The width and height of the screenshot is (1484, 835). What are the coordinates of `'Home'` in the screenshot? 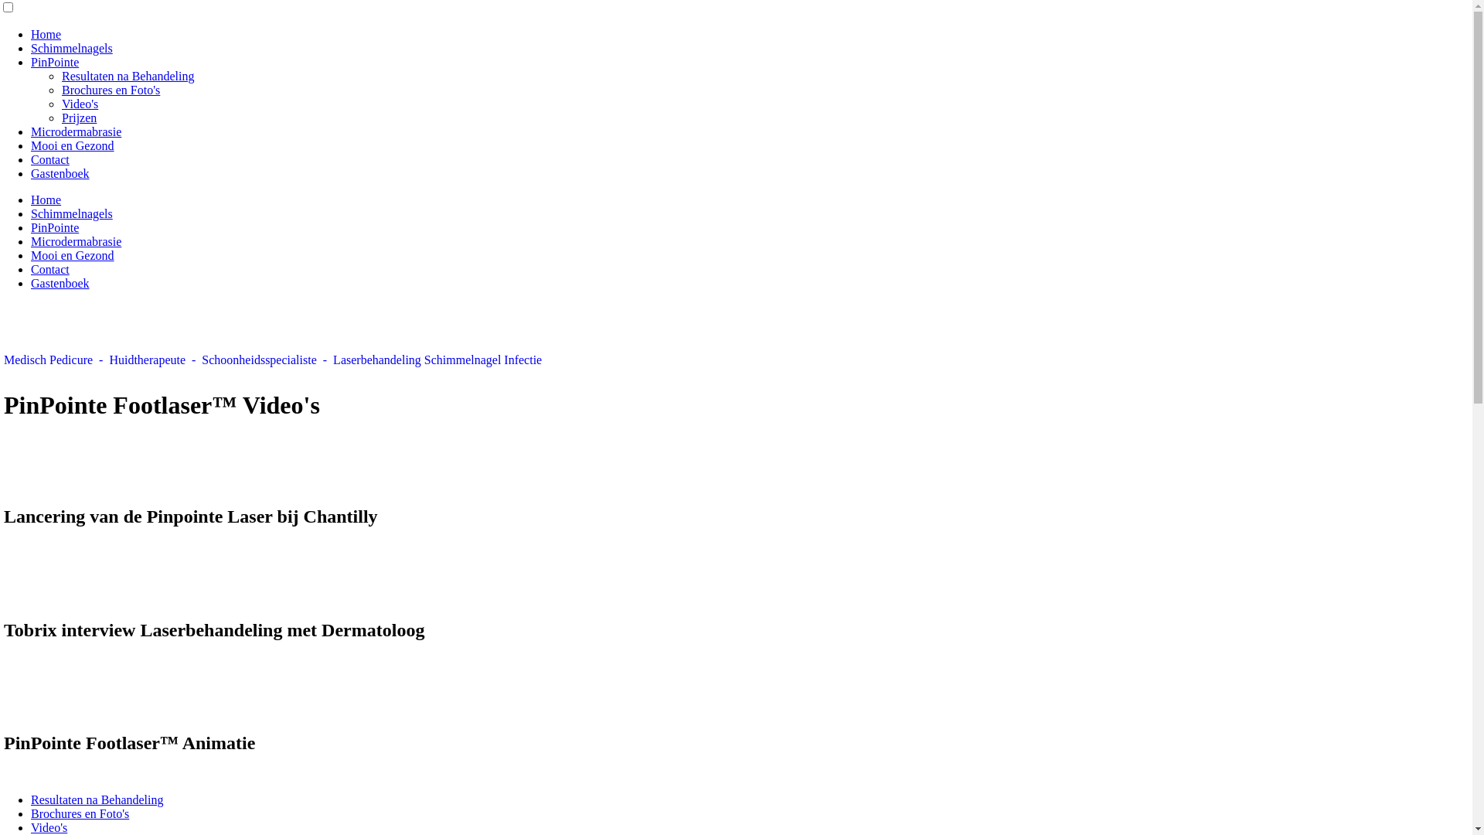 It's located at (46, 199).